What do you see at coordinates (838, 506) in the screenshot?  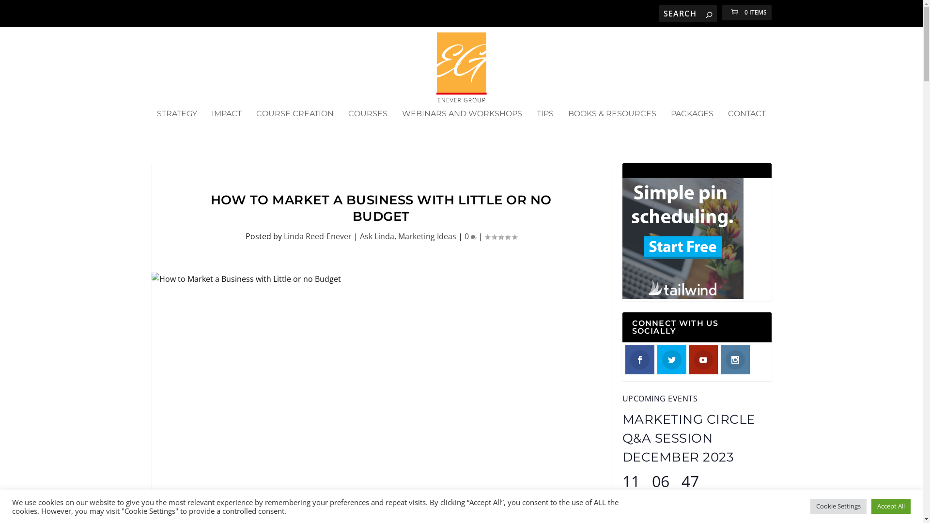 I see `'Cookie Settings'` at bounding box center [838, 506].